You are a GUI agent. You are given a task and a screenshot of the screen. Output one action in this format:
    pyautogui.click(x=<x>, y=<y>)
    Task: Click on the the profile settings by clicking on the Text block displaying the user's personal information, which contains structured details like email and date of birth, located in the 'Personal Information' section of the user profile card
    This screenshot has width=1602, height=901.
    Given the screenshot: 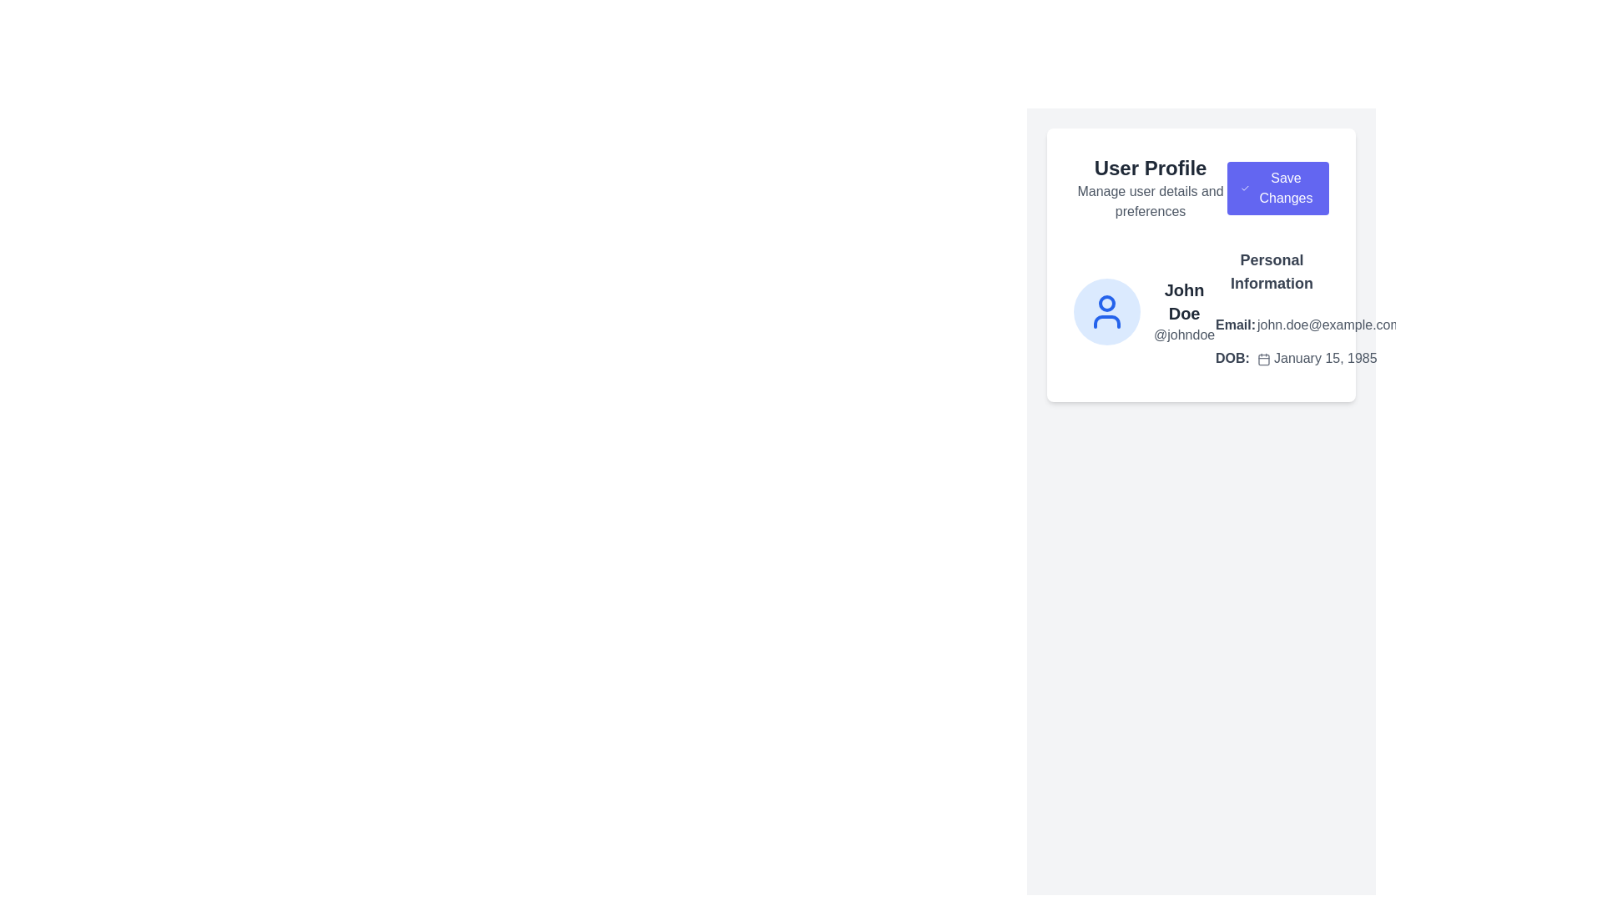 What is the action you would take?
    pyautogui.click(x=1271, y=312)
    